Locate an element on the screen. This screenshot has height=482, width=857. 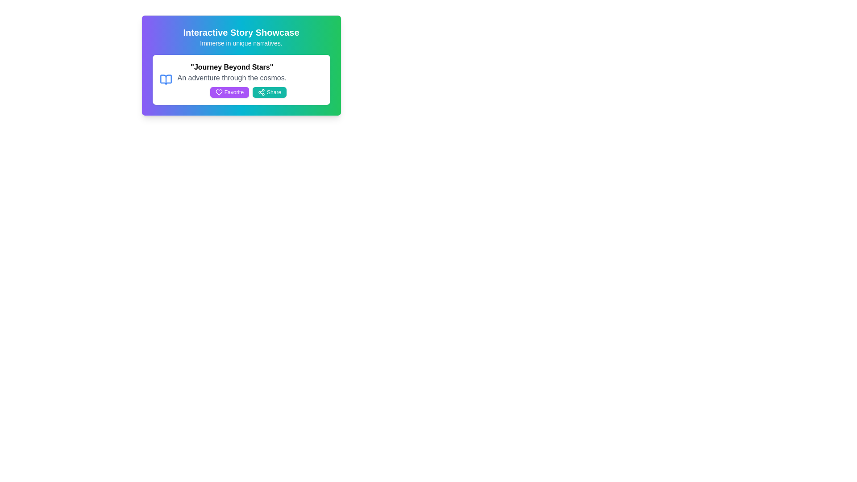
the text element displaying 'Interactive Story Showcase' in white bold font to interact with it is located at coordinates (241, 32).